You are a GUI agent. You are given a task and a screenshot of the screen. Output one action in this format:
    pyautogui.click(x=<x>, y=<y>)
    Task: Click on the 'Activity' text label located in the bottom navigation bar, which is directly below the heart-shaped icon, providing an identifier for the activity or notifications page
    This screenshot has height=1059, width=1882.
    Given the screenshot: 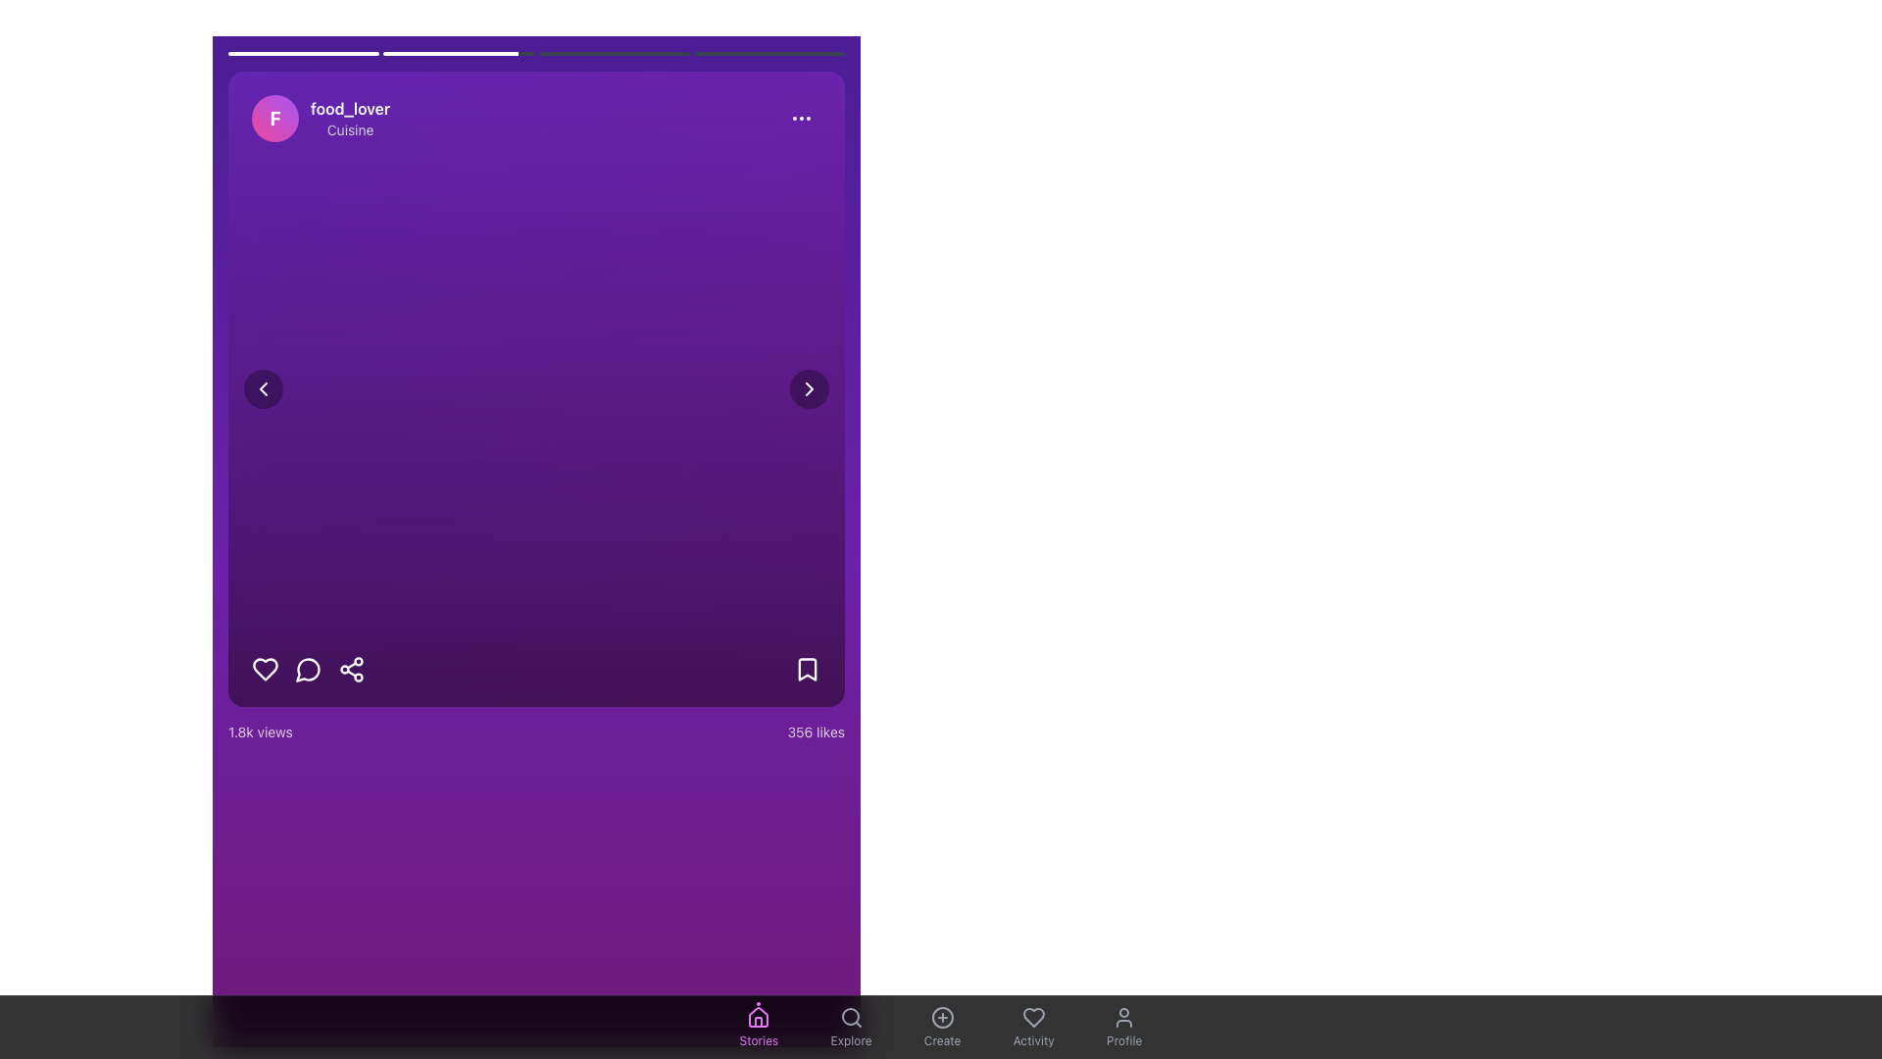 What is the action you would take?
    pyautogui.click(x=1032, y=1039)
    